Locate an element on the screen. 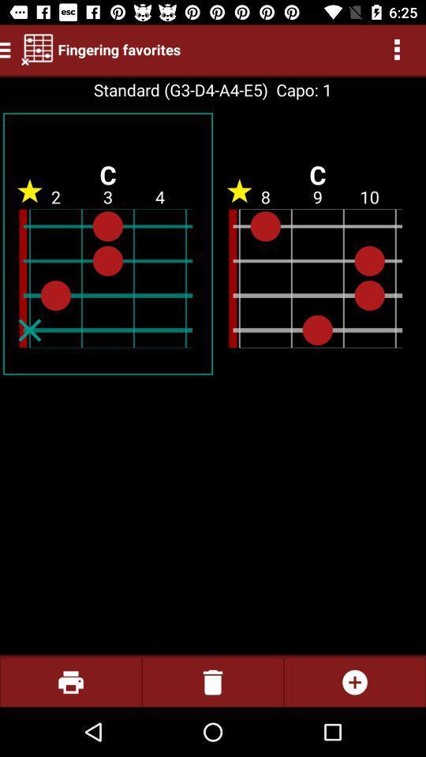  the menu icon is located at coordinates (7, 49).